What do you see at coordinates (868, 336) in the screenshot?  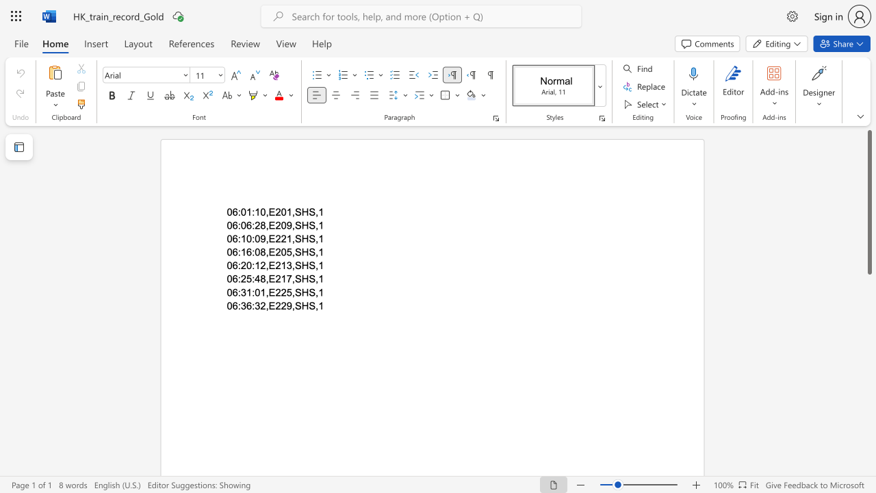 I see `the scrollbar to move the page down` at bounding box center [868, 336].